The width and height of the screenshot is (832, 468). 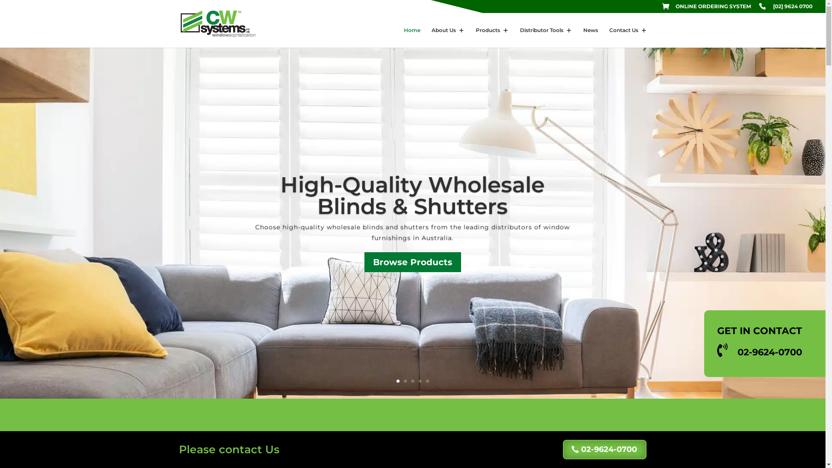 What do you see at coordinates (492, 37) in the screenshot?
I see `'Products'` at bounding box center [492, 37].